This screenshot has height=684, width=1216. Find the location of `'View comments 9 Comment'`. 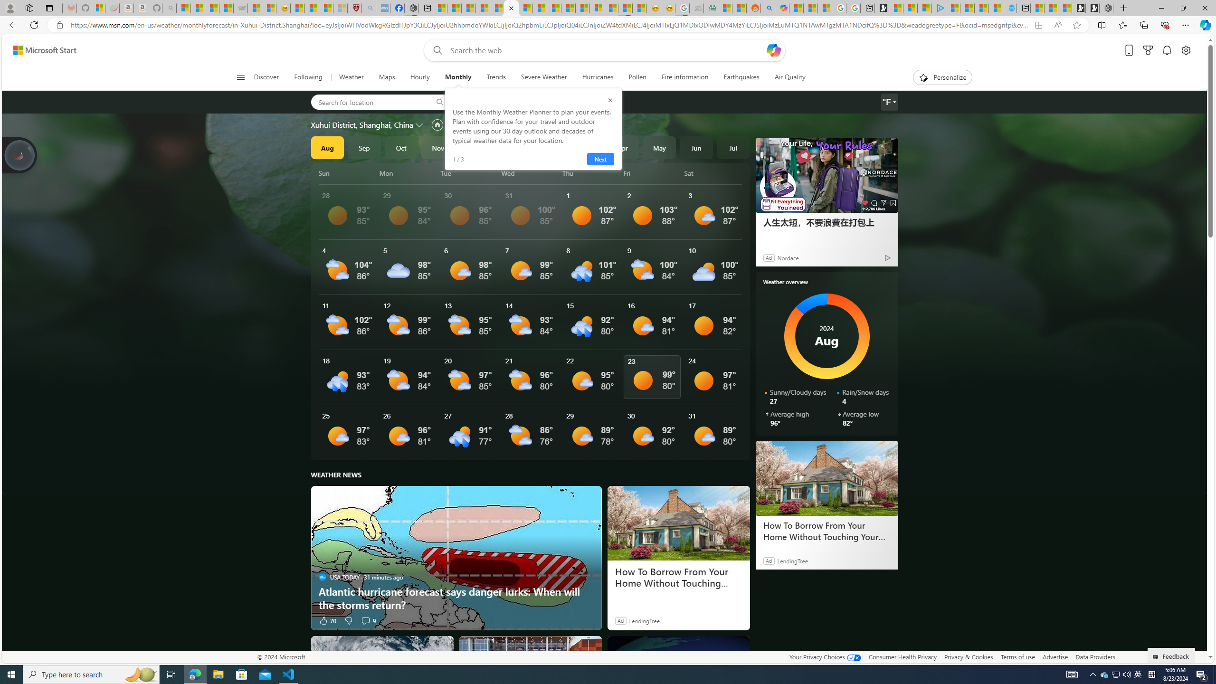

'View comments 9 Comment' is located at coordinates (365, 620).